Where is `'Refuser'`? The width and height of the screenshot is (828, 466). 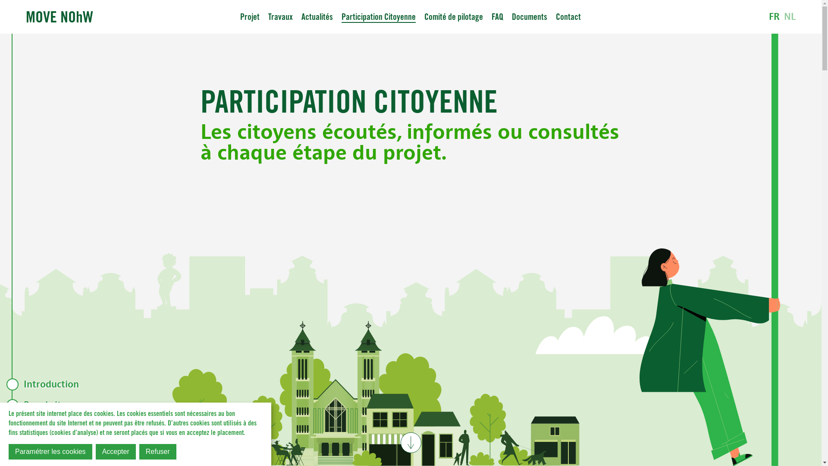 'Refuser' is located at coordinates (157, 451).